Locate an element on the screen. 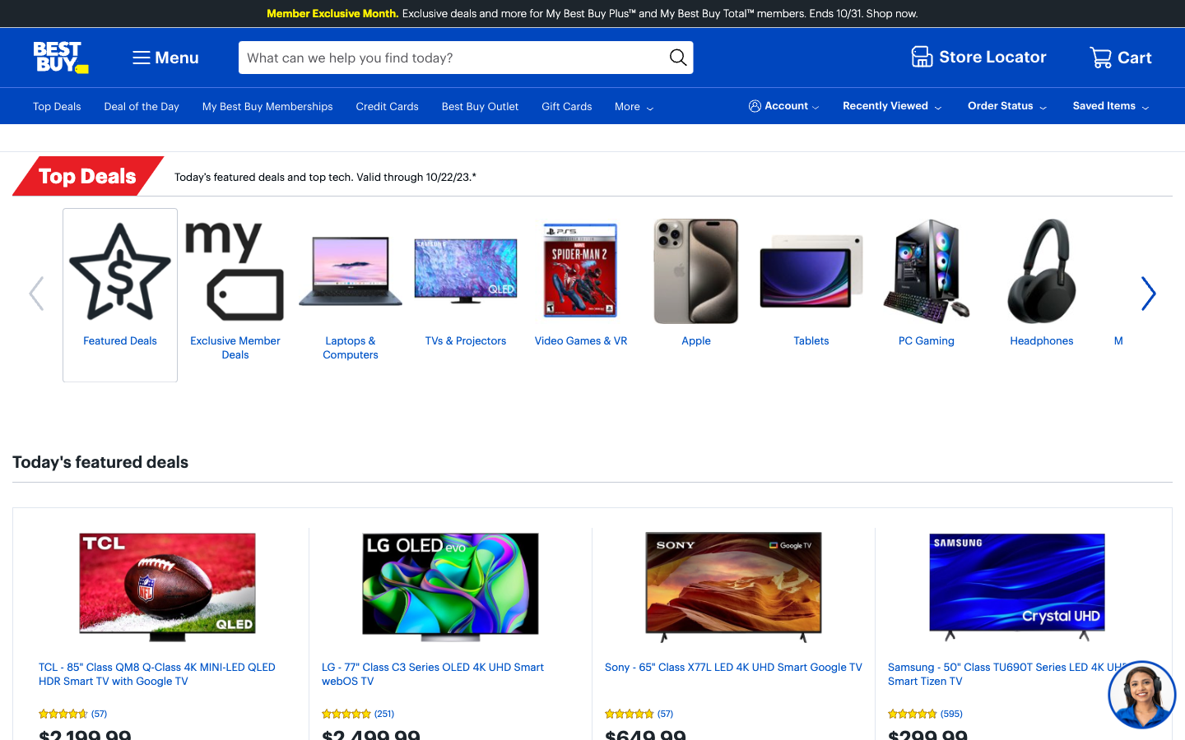 Image resolution: width=1185 pixels, height=740 pixels. To see more Top Deals, press the rightward pointing arrow is located at coordinates (1148, 295).